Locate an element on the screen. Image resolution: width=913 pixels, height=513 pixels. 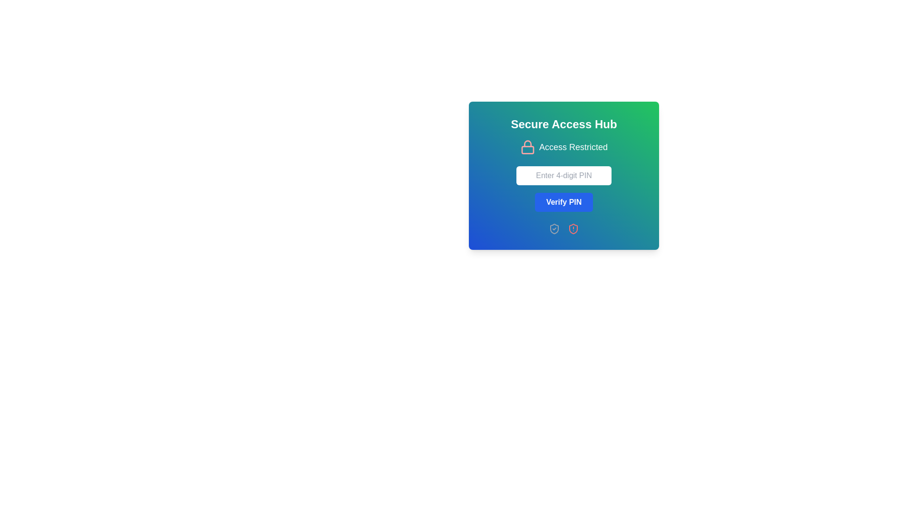
the 'Access Restricted' label with a lock icon, which is located in the centered modal component below the 'Secure Access Hub' title and above the PIN entry field is located at coordinates (563, 147).